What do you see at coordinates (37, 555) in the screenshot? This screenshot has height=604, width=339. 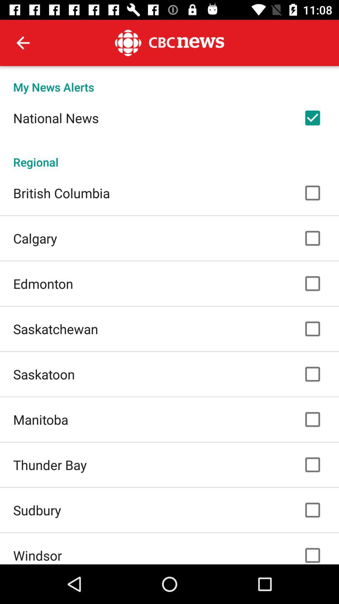 I see `the item below the sudbury icon` at bounding box center [37, 555].